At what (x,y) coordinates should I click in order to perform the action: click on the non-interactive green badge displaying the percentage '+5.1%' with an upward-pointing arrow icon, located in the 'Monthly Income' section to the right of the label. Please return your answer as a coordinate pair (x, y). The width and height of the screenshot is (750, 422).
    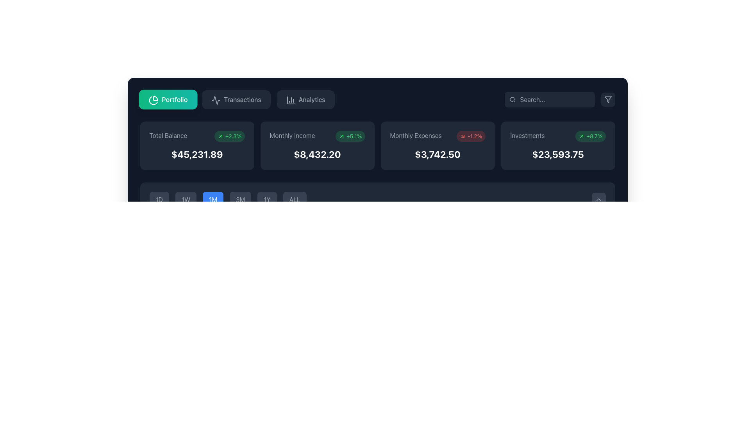
    Looking at the image, I should click on (350, 136).